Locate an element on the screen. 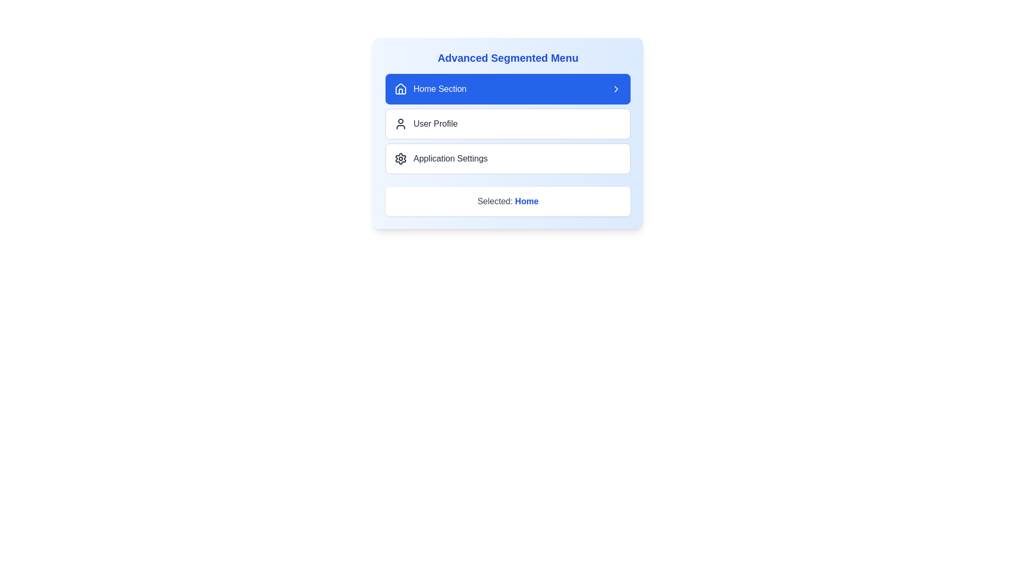 The height and width of the screenshot is (570, 1014). the menu item that provides access to application settings or preferences, located in the segmented menu below 'User Profile' and above 'Selected: Home' is located at coordinates (441, 158).